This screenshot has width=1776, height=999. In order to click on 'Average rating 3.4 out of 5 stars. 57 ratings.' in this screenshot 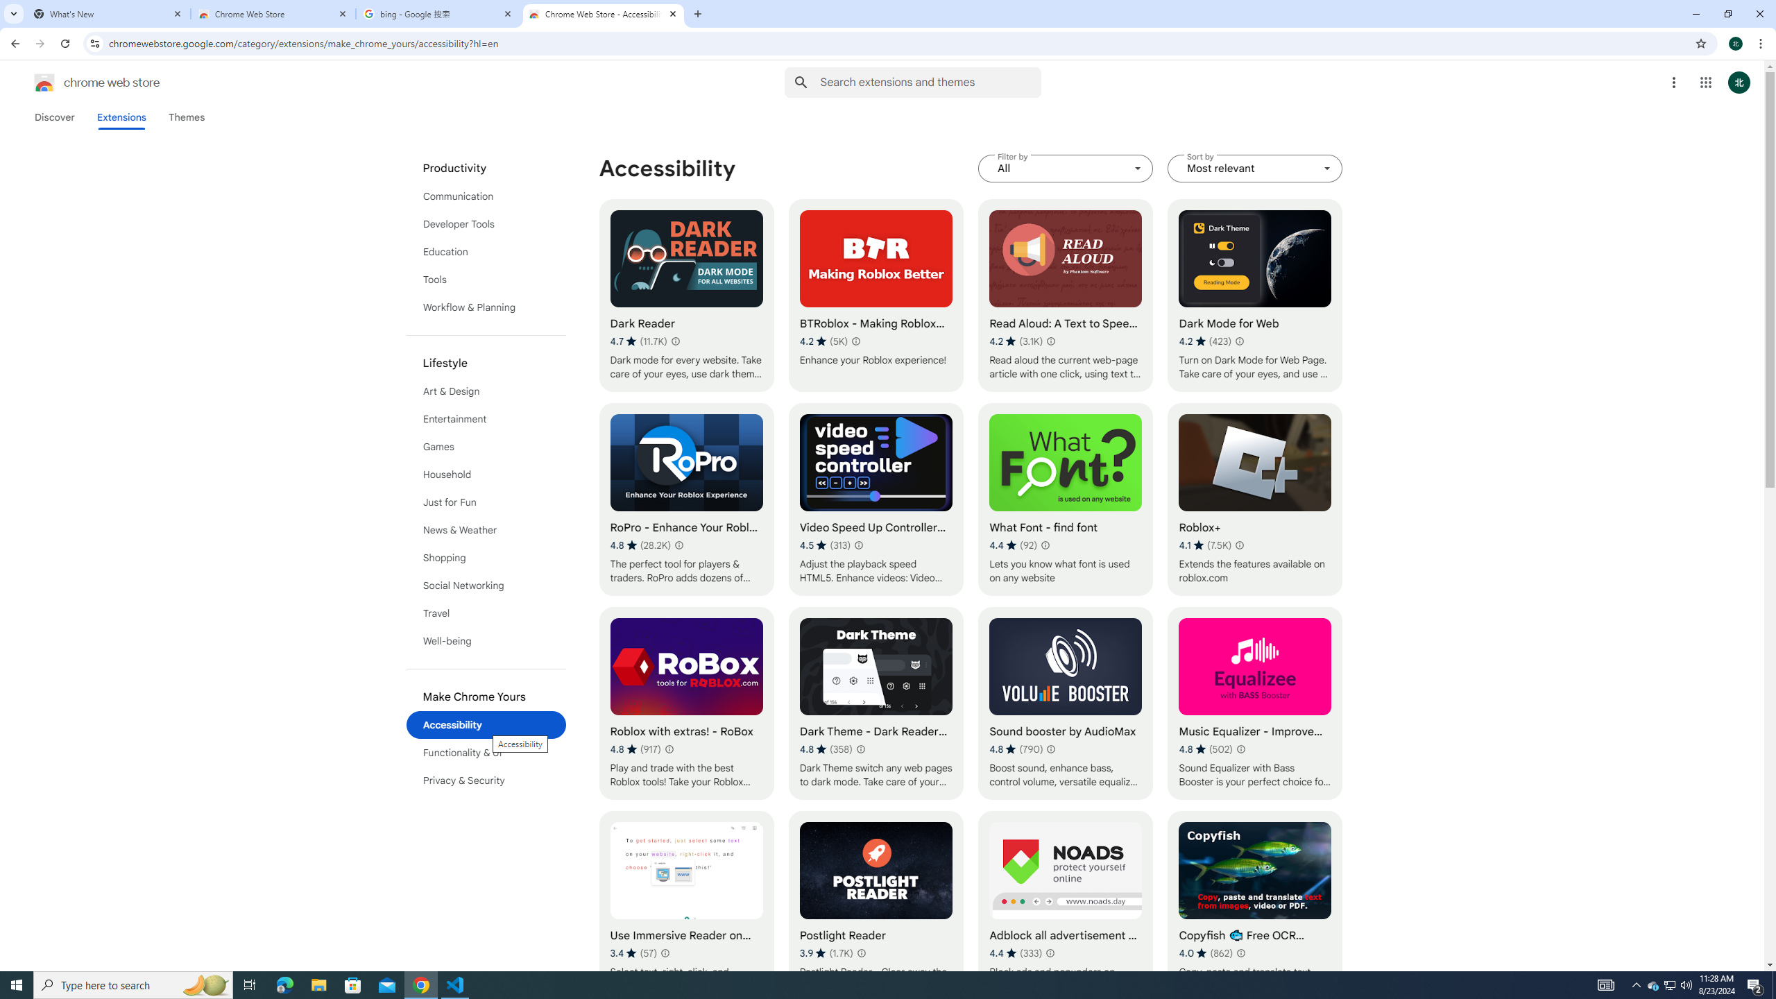, I will do `click(633, 952)`.